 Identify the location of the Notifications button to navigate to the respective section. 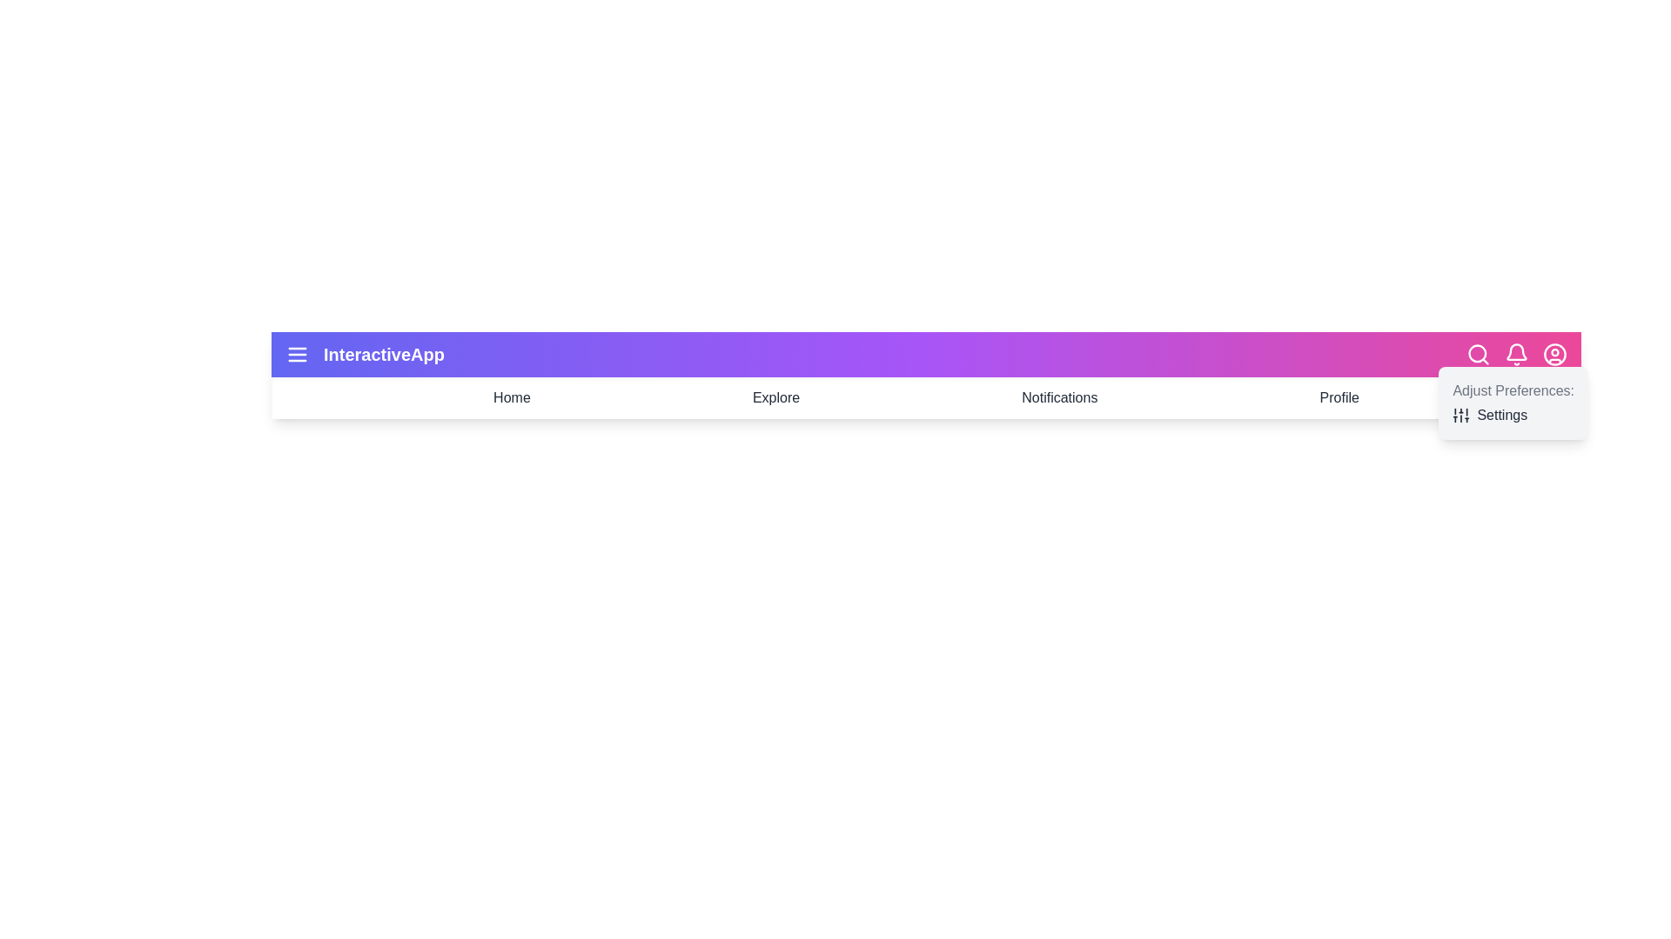
(1058, 398).